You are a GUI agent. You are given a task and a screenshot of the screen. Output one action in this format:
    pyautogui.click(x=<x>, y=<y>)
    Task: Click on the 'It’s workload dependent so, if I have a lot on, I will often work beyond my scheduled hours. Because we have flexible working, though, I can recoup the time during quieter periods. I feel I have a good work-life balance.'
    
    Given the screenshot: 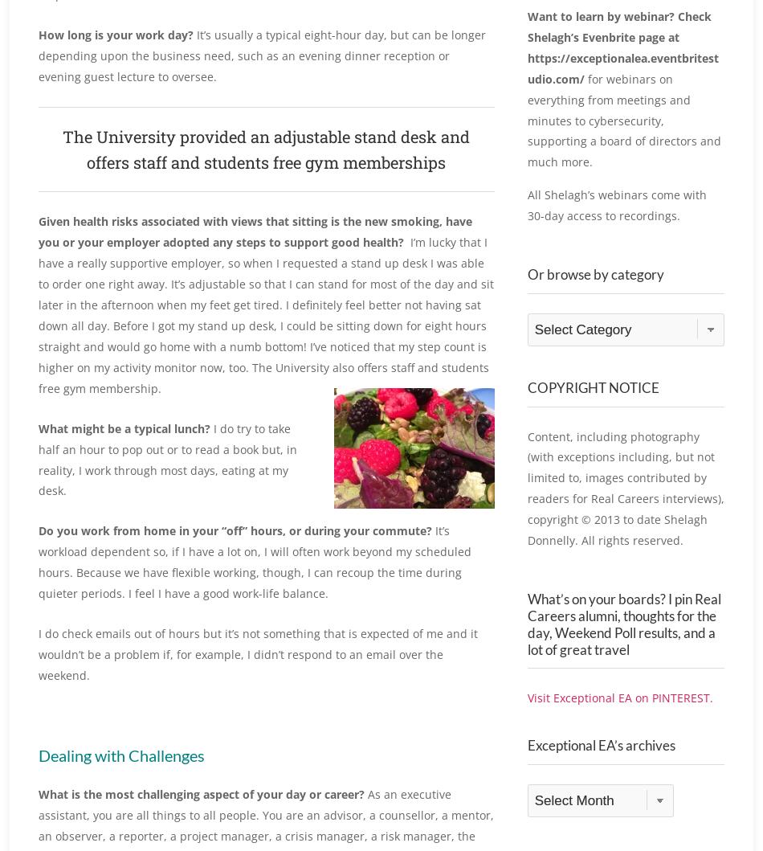 What is the action you would take?
    pyautogui.click(x=254, y=562)
    